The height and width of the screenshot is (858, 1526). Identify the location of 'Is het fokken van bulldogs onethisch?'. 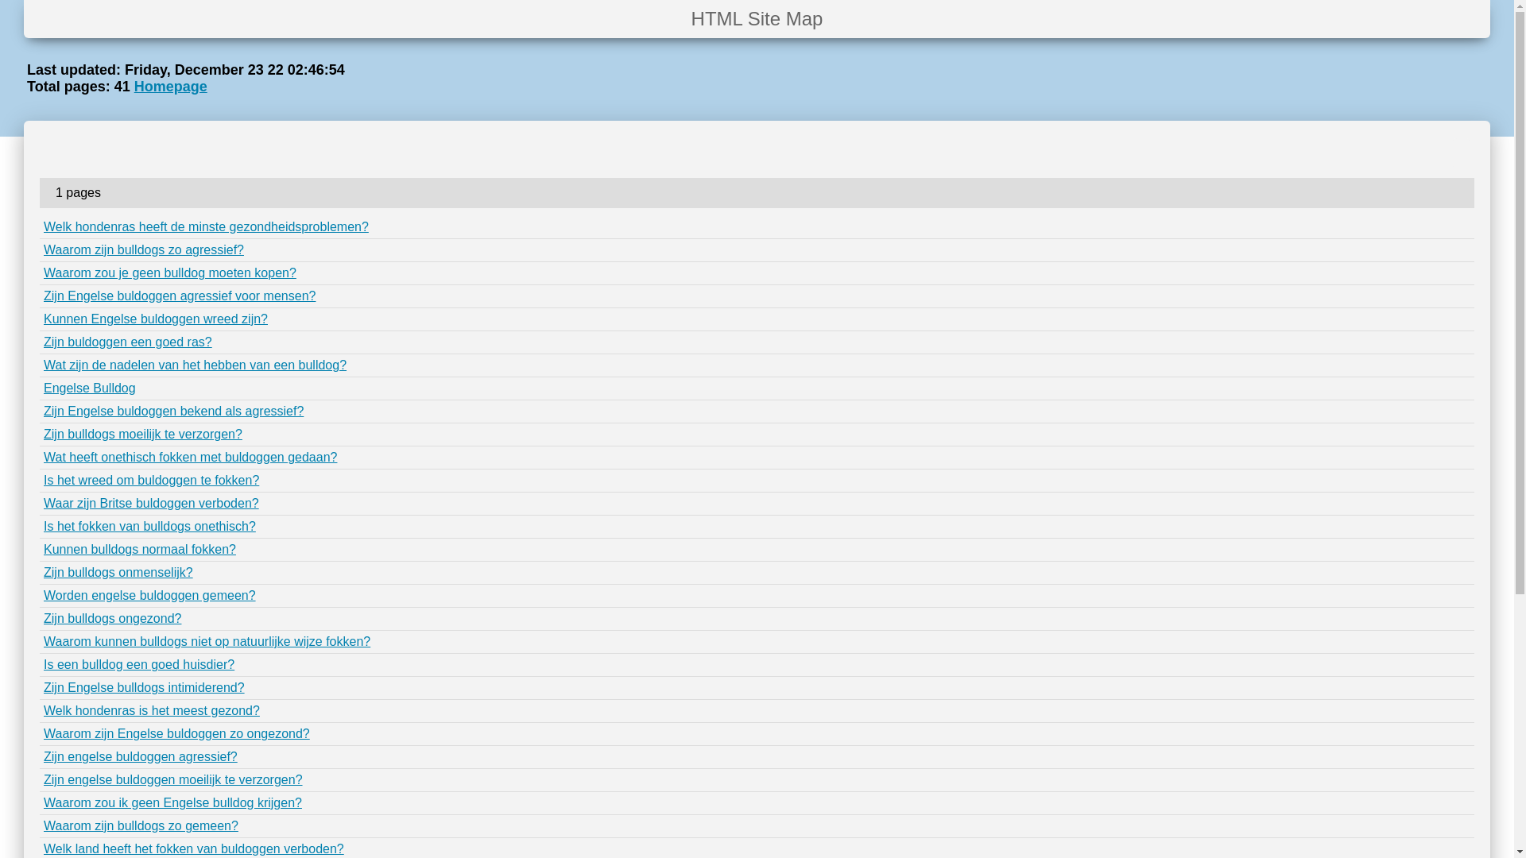
(149, 526).